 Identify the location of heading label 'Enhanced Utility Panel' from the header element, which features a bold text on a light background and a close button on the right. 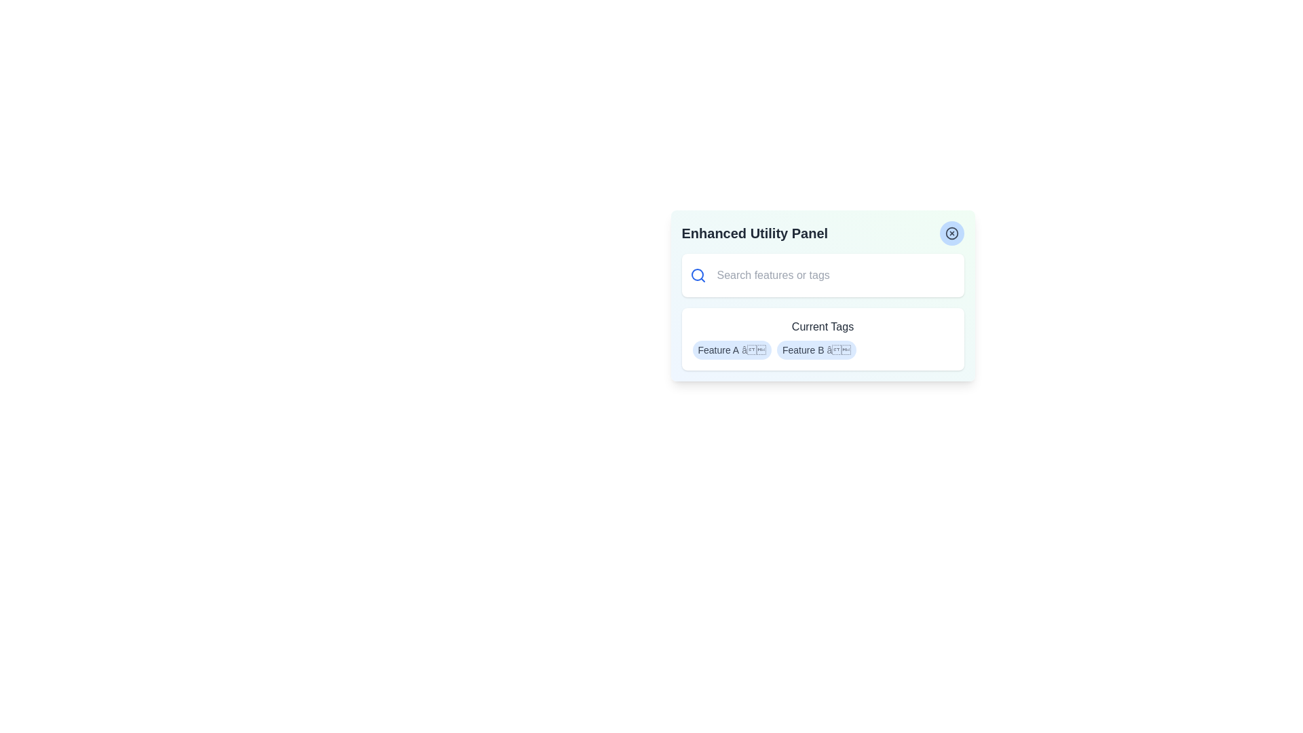
(822, 232).